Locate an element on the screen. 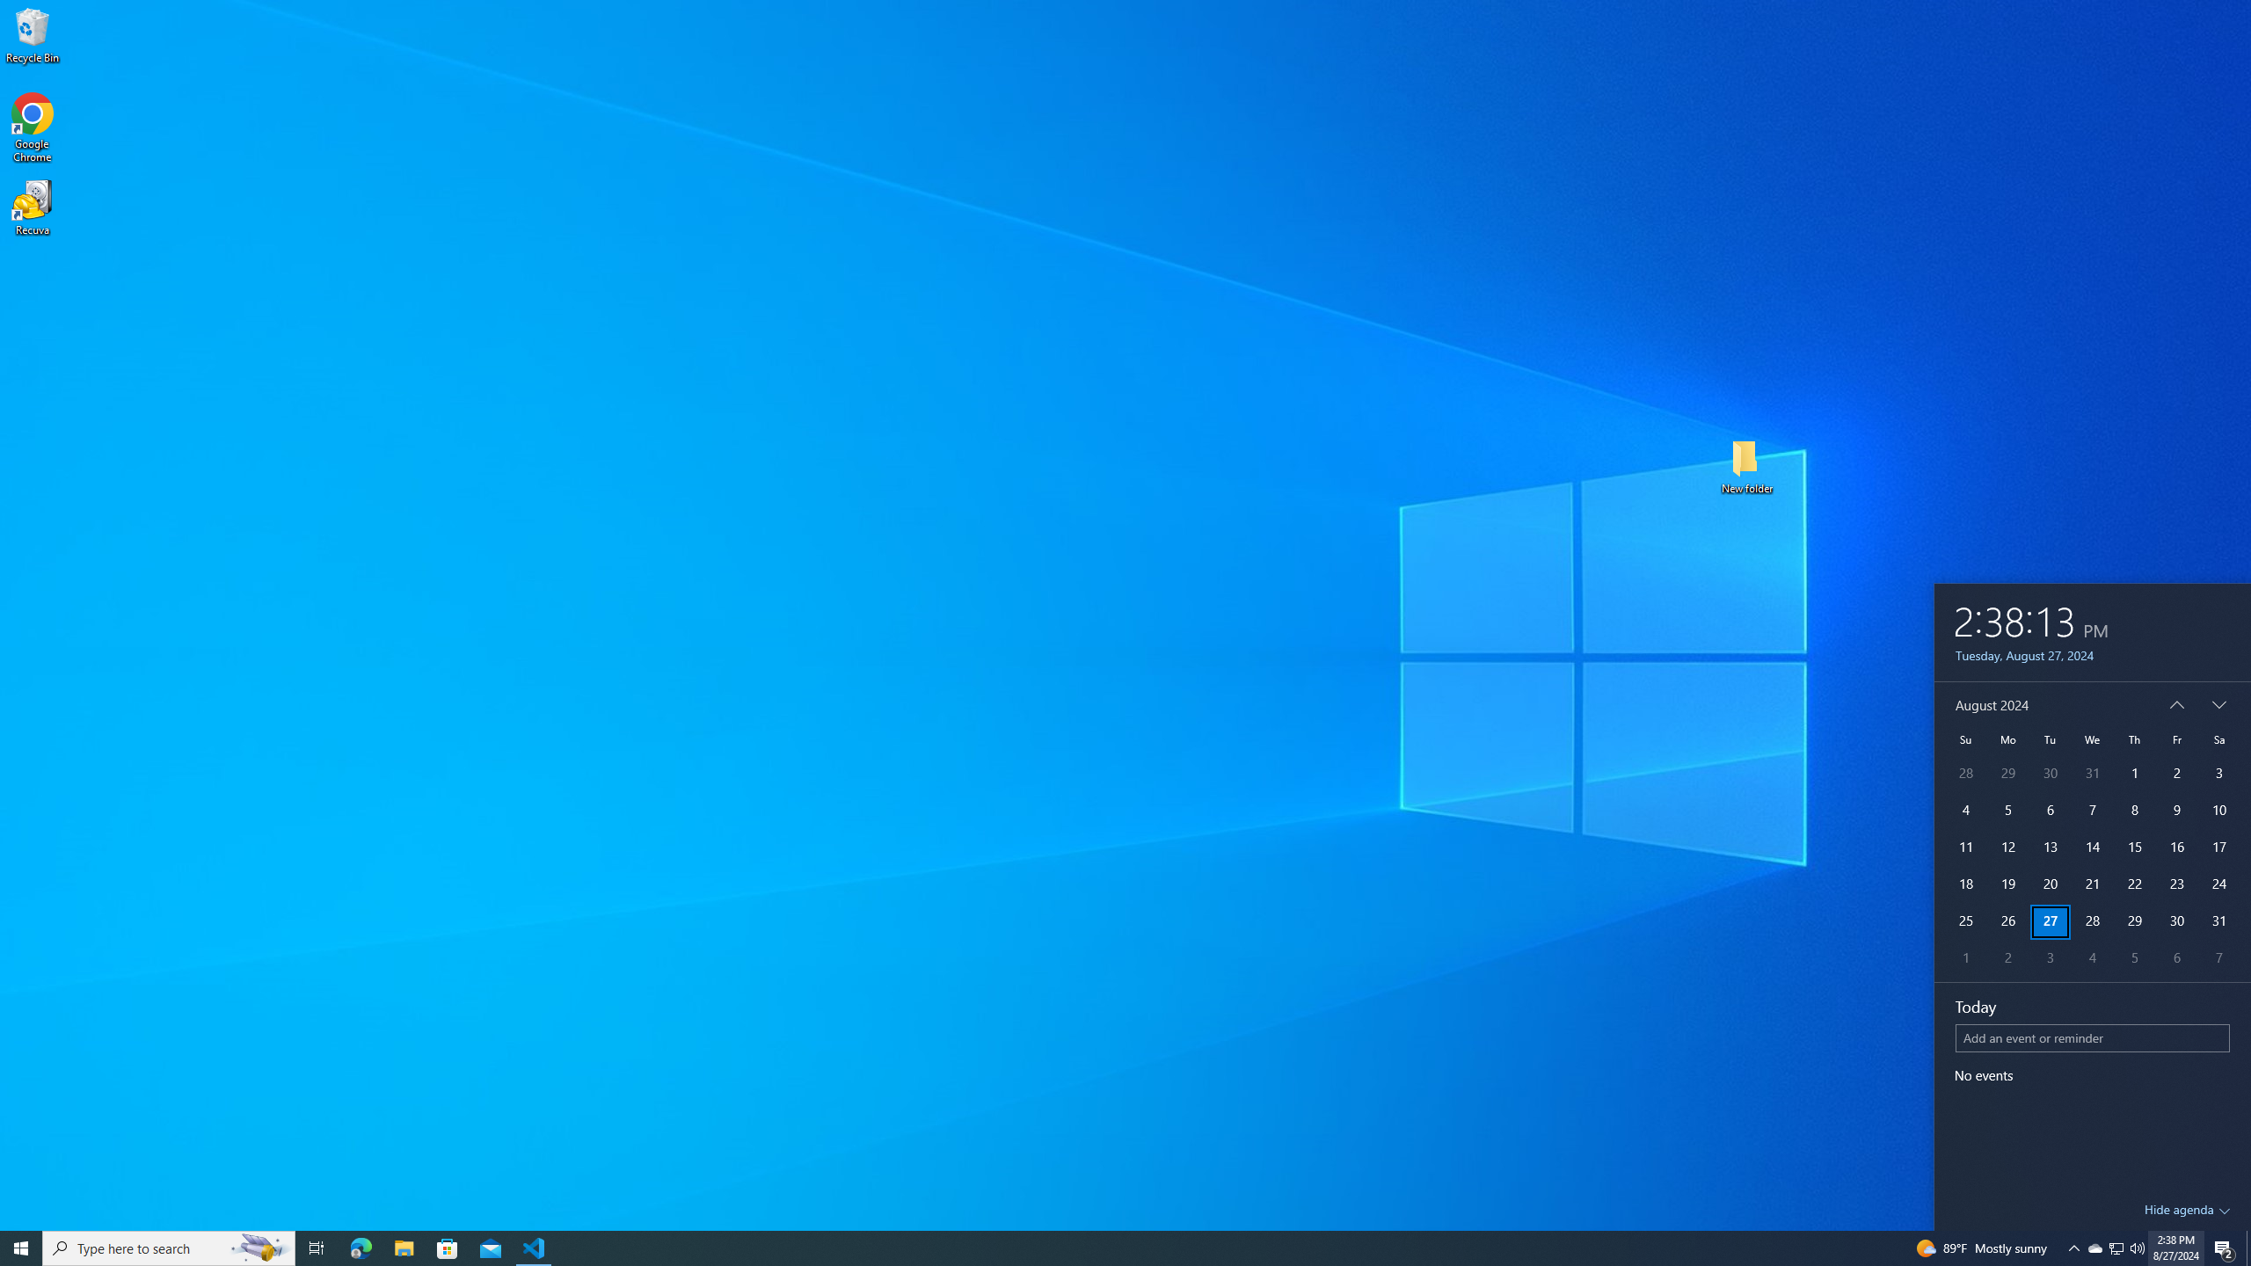 This screenshot has width=2251, height=1266. '24' is located at coordinates (2218, 884).